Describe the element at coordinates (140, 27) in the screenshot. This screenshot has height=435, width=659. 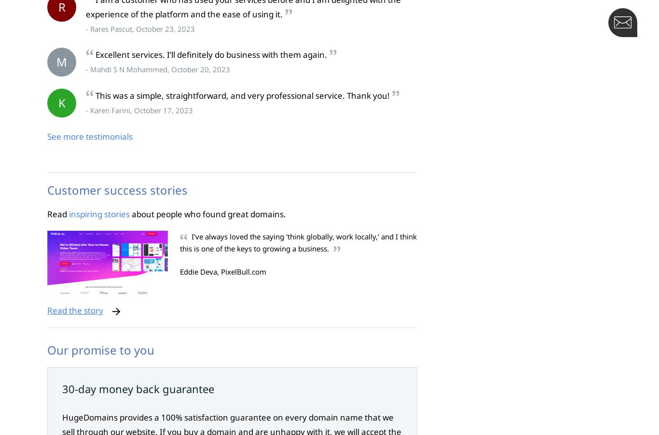
I see `'- Rares Pascut, October 23, 2023'` at that location.